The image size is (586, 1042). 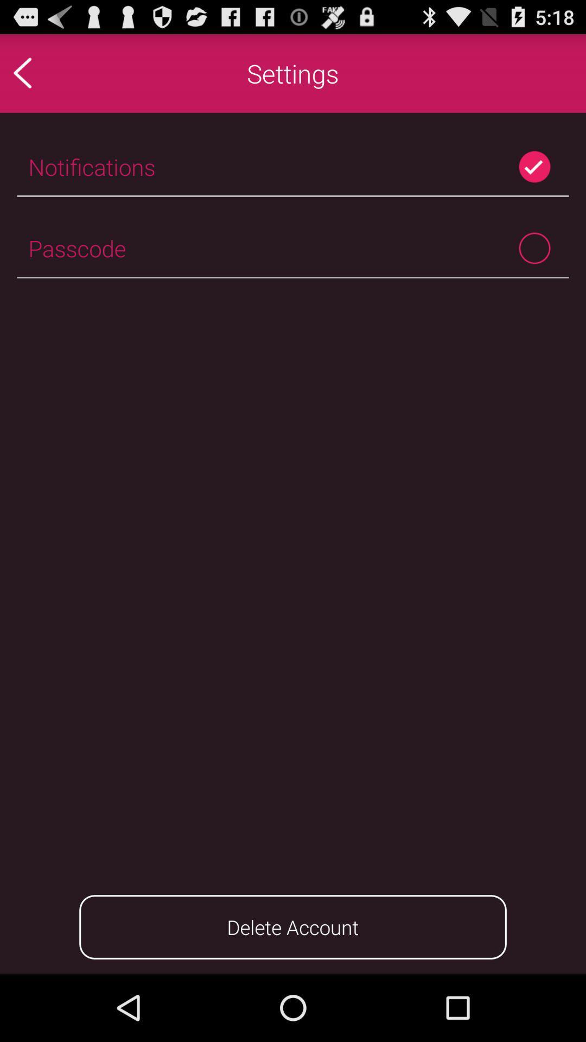 What do you see at coordinates (534, 247) in the screenshot?
I see `set passcode requirement` at bounding box center [534, 247].